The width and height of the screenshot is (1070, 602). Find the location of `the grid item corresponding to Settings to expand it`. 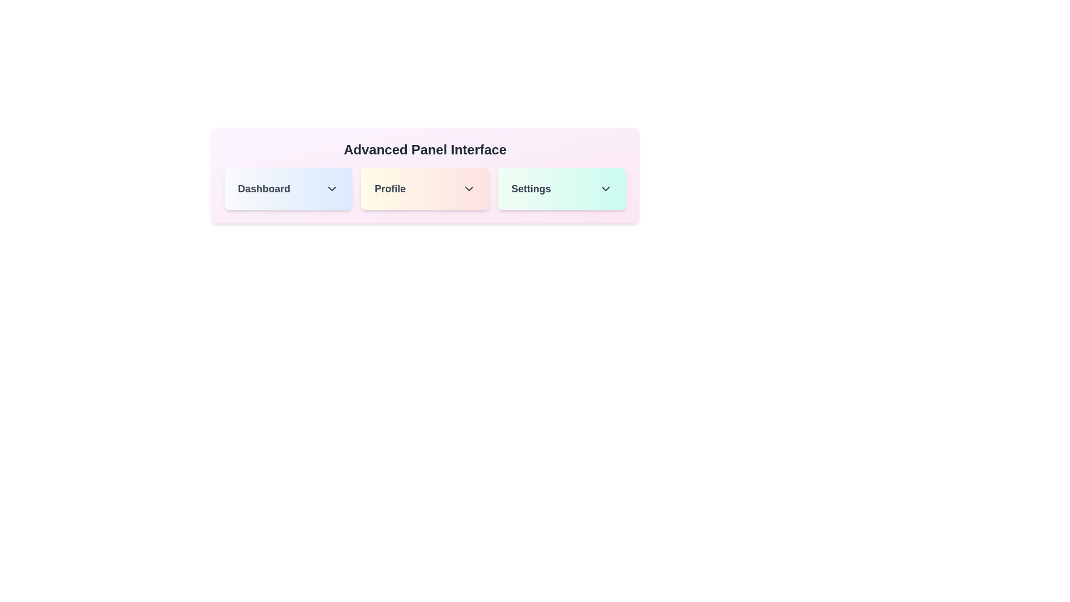

the grid item corresponding to Settings to expand it is located at coordinates (562, 188).